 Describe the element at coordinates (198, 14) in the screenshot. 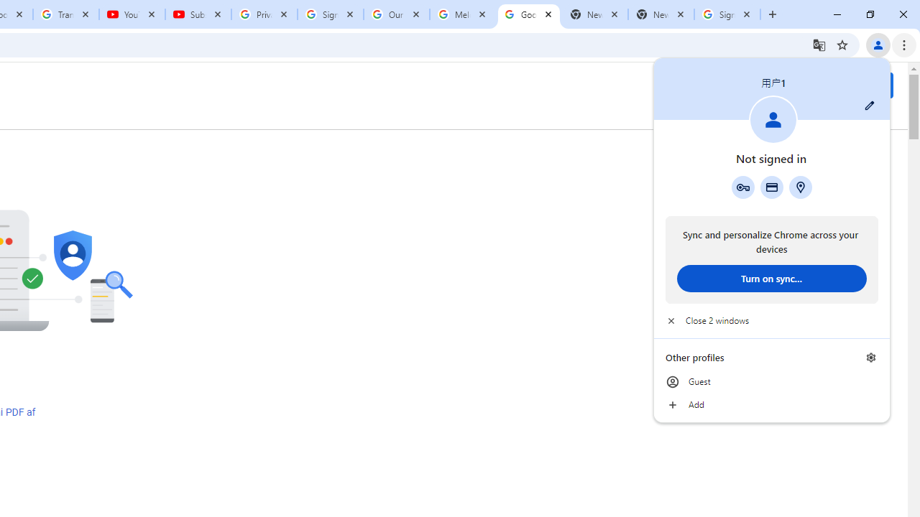

I see `'Subscriptions - YouTube'` at that location.